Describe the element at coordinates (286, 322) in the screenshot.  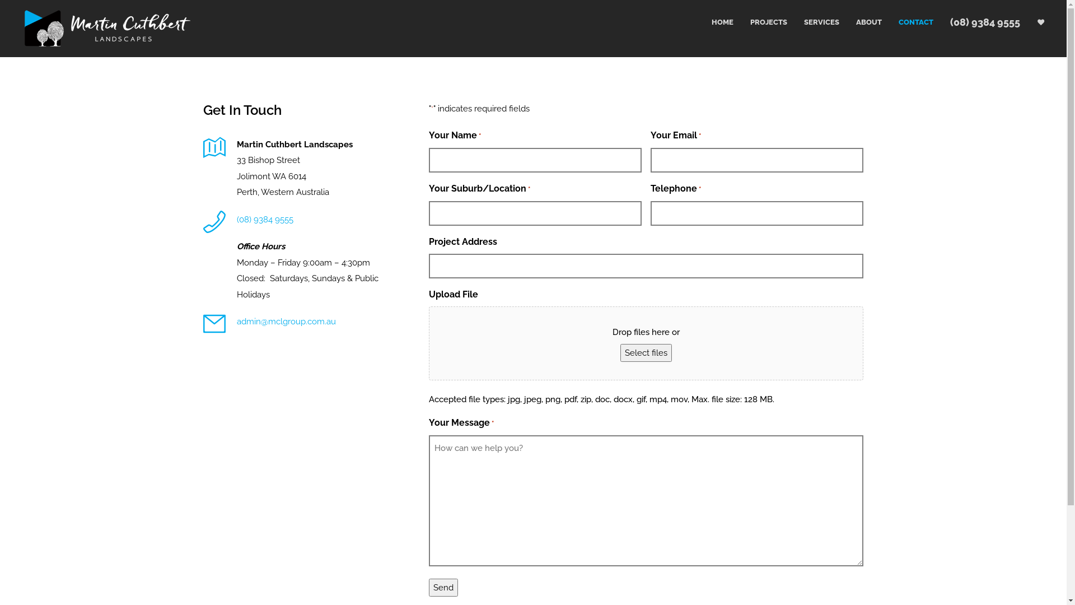
I see `'admin@mclgroup.com.au'` at that location.